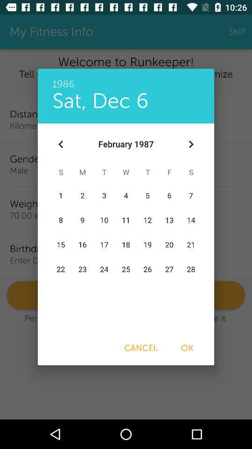 The width and height of the screenshot is (252, 449). I want to click on cancel item, so click(140, 348).